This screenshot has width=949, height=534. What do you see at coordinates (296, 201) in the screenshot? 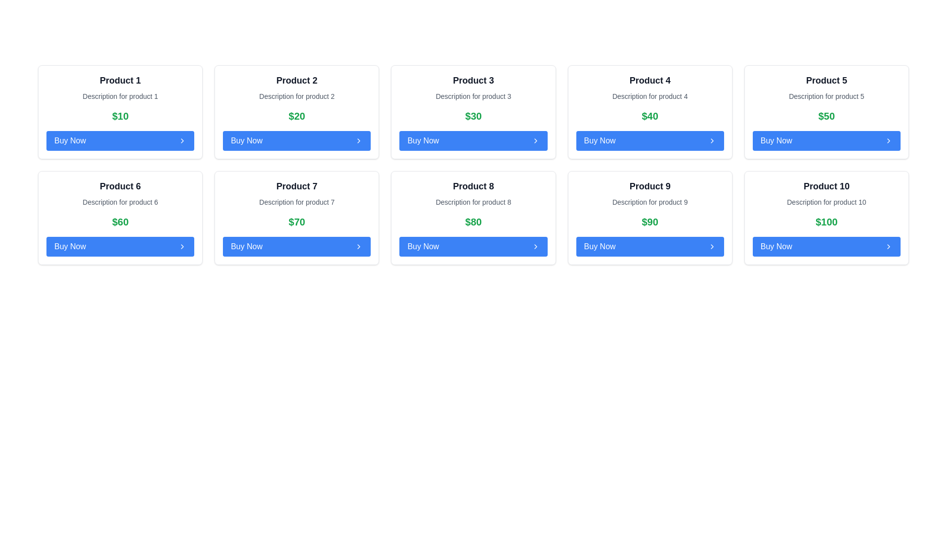
I see `descriptive text label providing additional information about 'Product 7', positioned between the title and price label within the product card` at bounding box center [296, 201].